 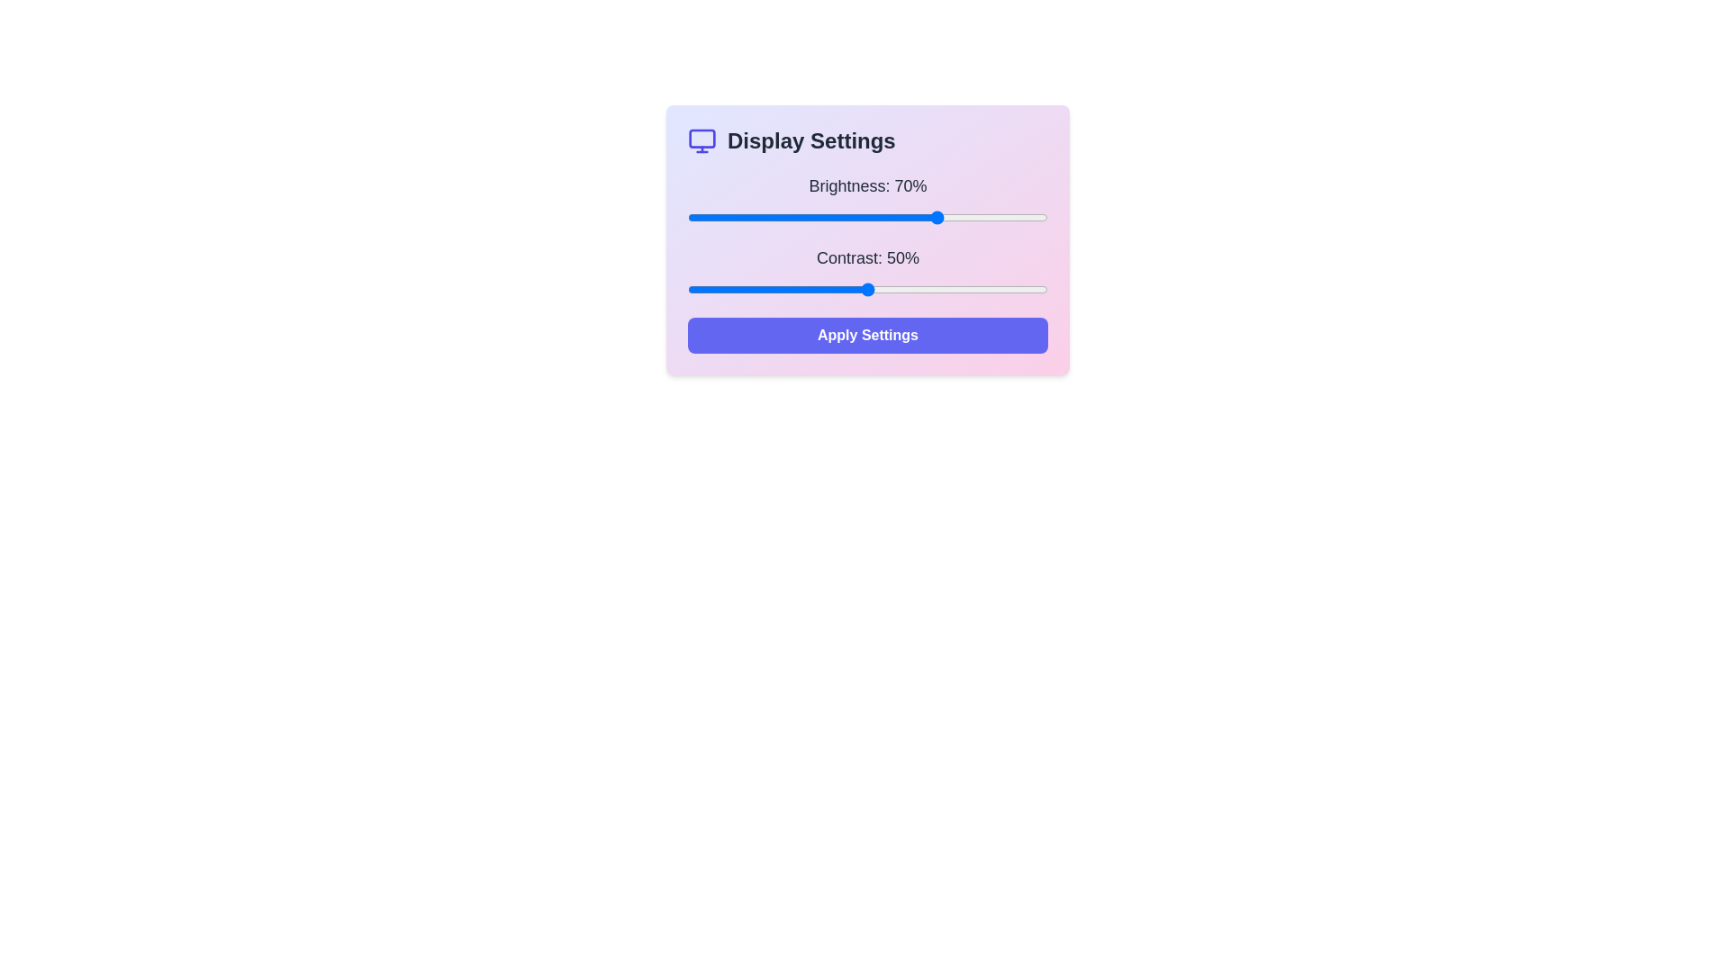 What do you see at coordinates (933, 288) in the screenshot?
I see `the contrast slider to 68%` at bounding box center [933, 288].